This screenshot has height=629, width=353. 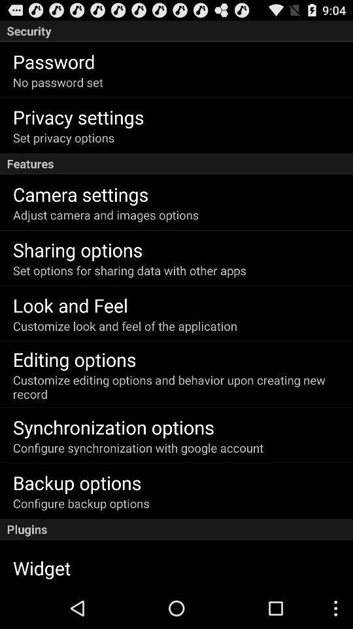 I want to click on the privacy settings, so click(x=78, y=116).